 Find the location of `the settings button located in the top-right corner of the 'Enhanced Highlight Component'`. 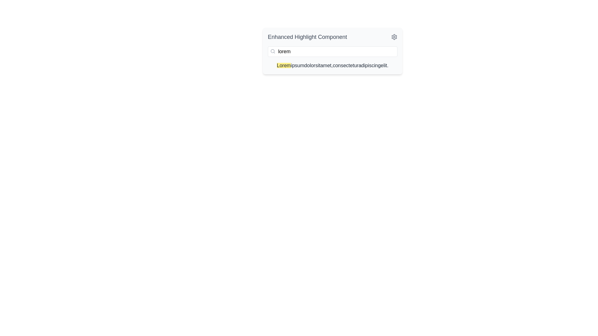

the settings button located in the top-right corner of the 'Enhanced Highlight Component' is located at coordinates (394, 37).